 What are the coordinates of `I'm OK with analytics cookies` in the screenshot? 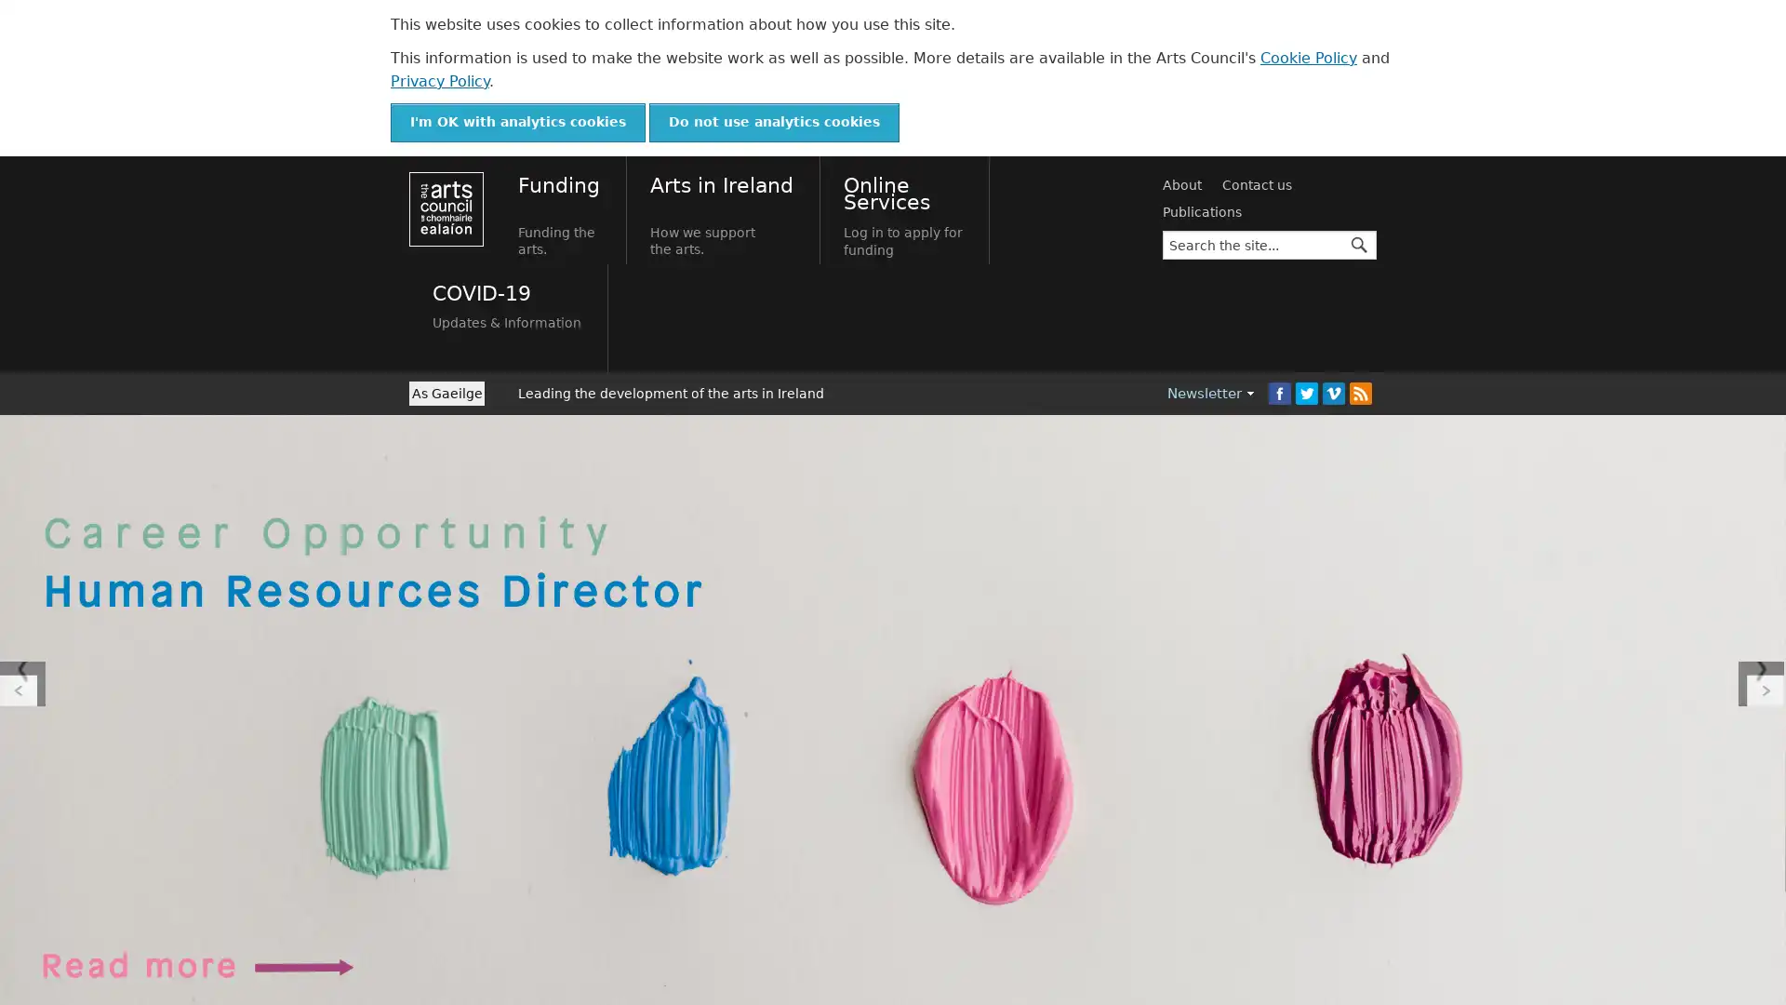 It's located at (517, 122).